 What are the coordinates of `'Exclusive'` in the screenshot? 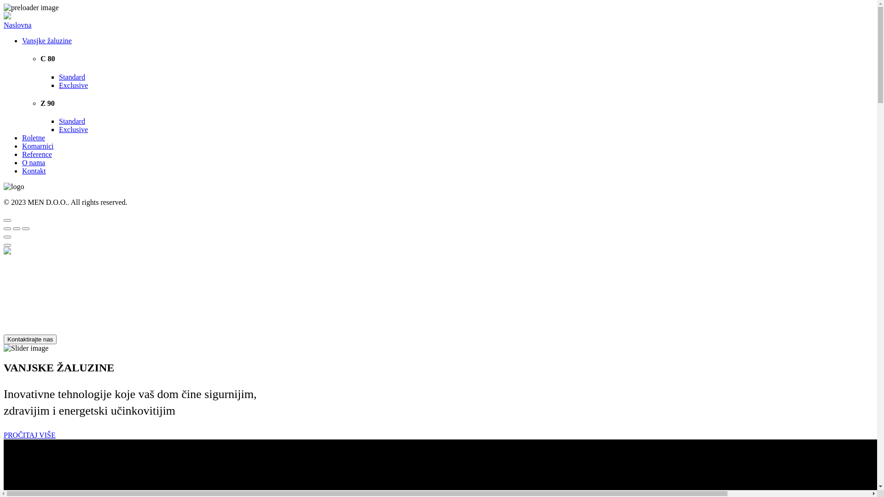 It's located at (73, 129).